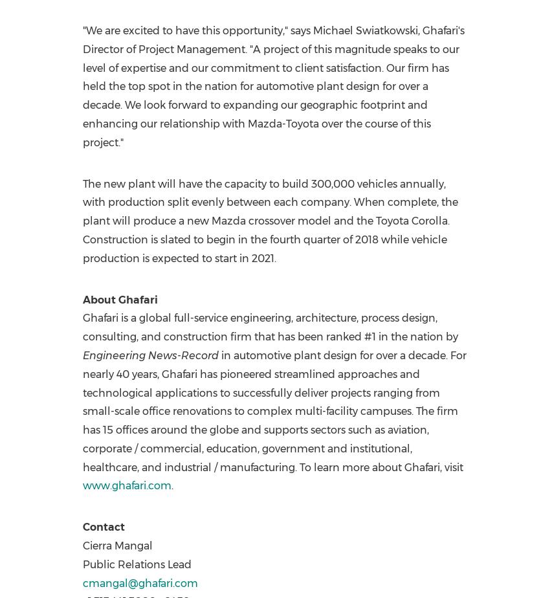 Image resolution: width=550 pixels, height=598 pixels. What do you see at coordinates (139, 582) in the screenshot?
I see `'cmangal@ghafari.com'` at bounding box center [139, 582].